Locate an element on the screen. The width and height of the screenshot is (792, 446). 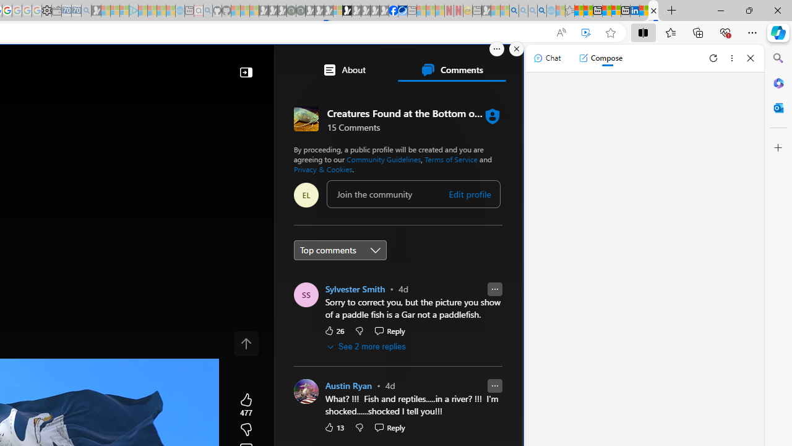
'Community Guidelines' is located at coordinates (383, 158).